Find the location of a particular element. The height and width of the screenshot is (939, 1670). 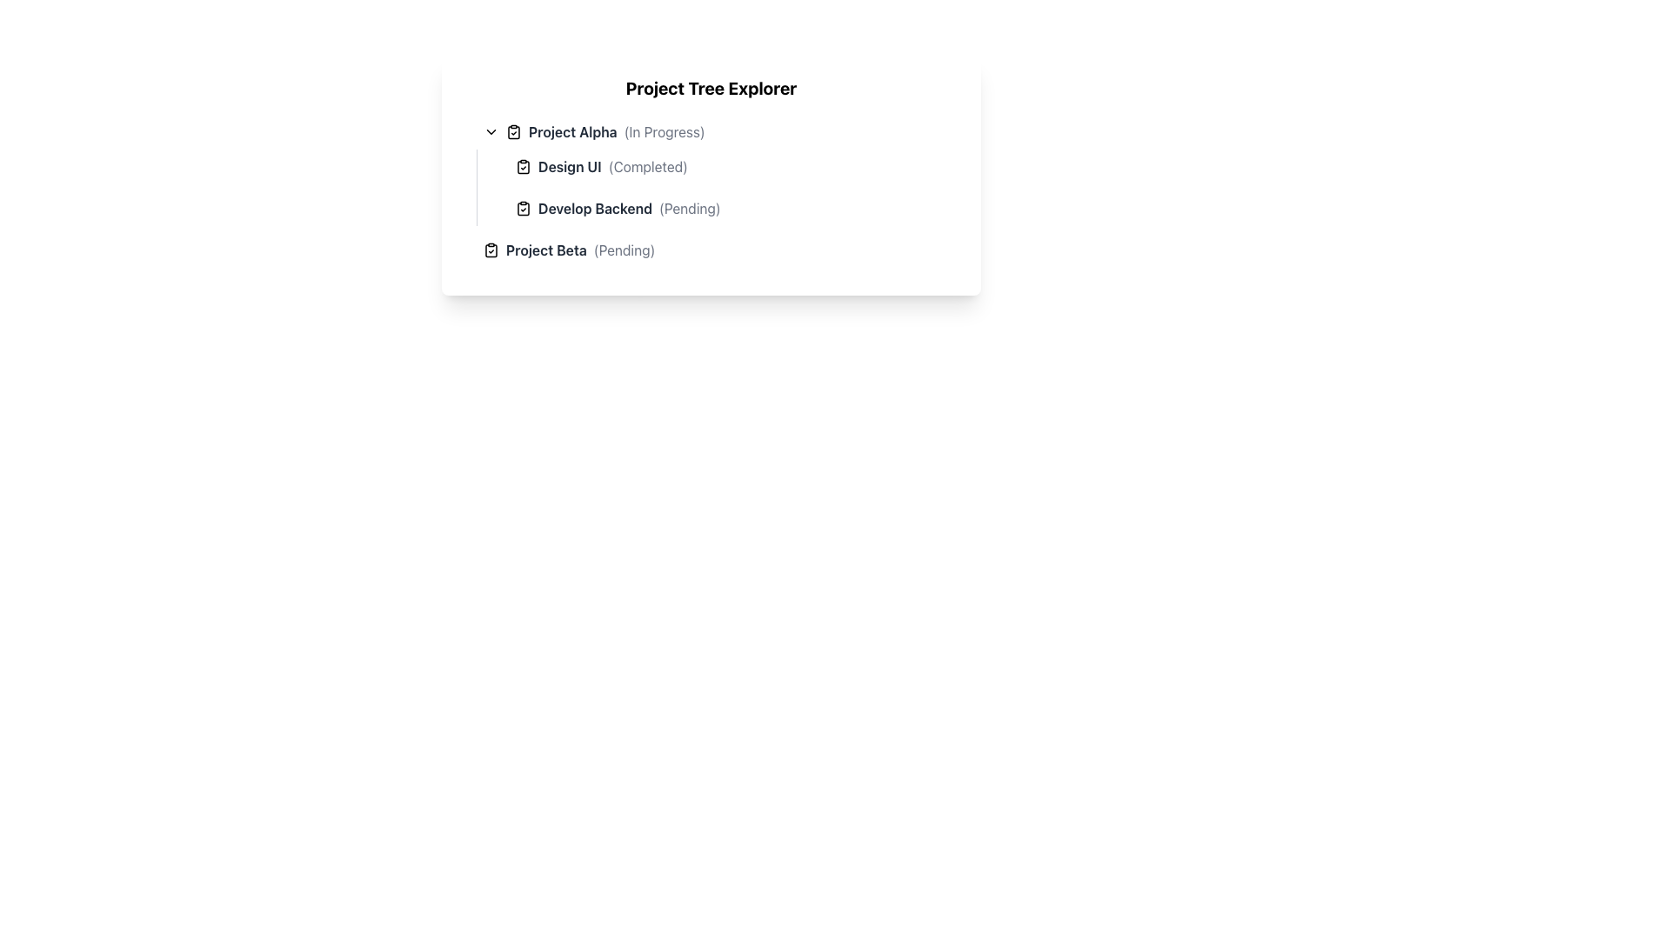

the 'Project Alpha' text label, which is displayed in bold dark-gray font and is positioned next to an icon and an '(In Progress)' annotation is located at coordinates (572, 130).